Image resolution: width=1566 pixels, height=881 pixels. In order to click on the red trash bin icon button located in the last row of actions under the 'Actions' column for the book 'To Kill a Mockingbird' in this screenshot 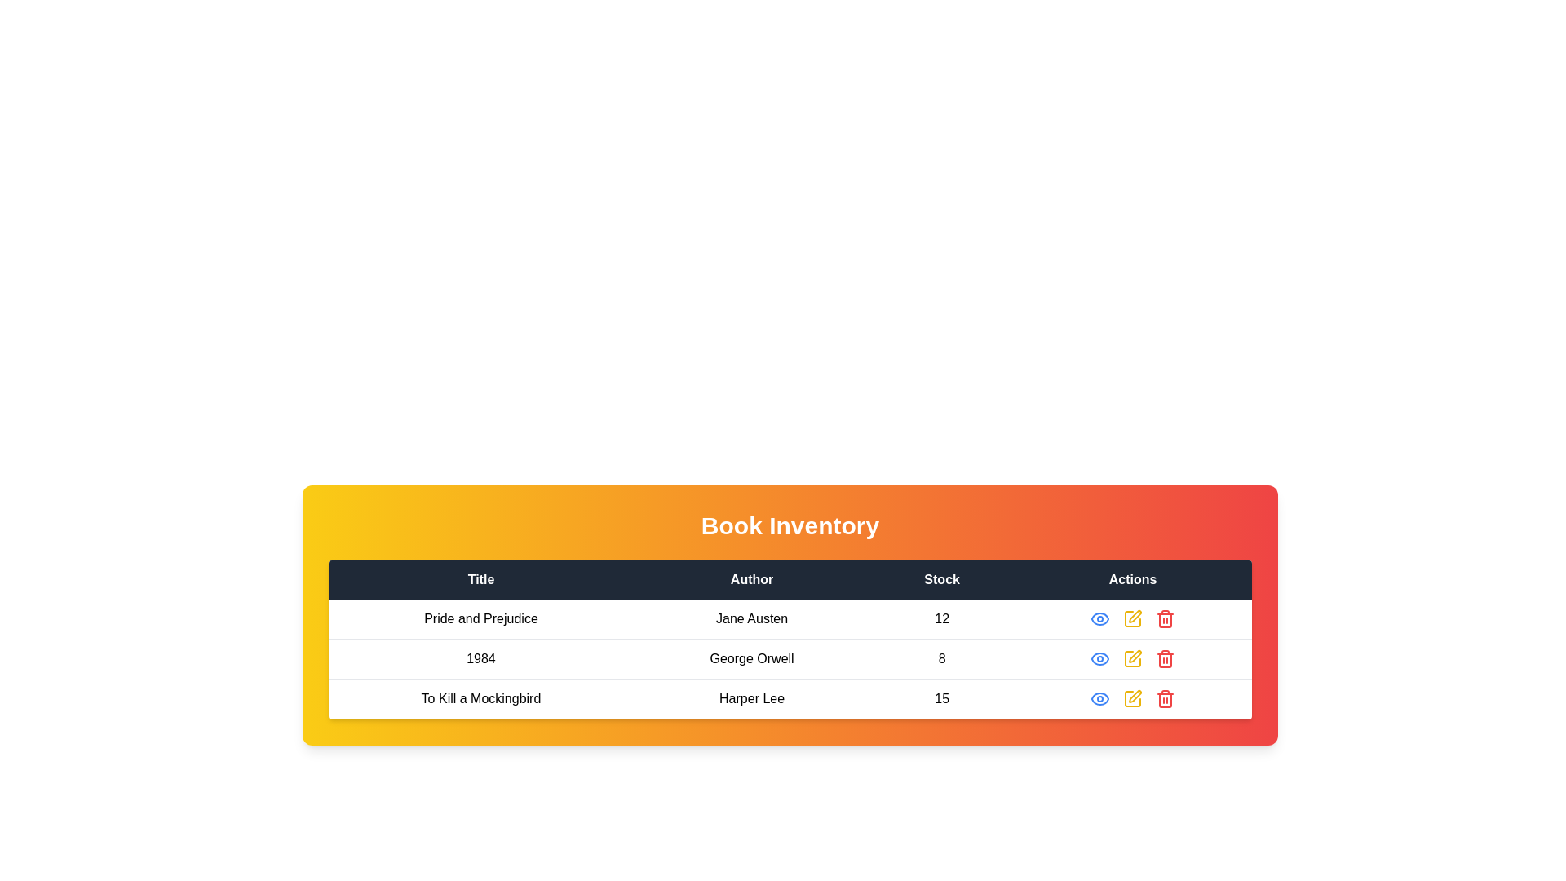, I will do `click(1165, 697)`.